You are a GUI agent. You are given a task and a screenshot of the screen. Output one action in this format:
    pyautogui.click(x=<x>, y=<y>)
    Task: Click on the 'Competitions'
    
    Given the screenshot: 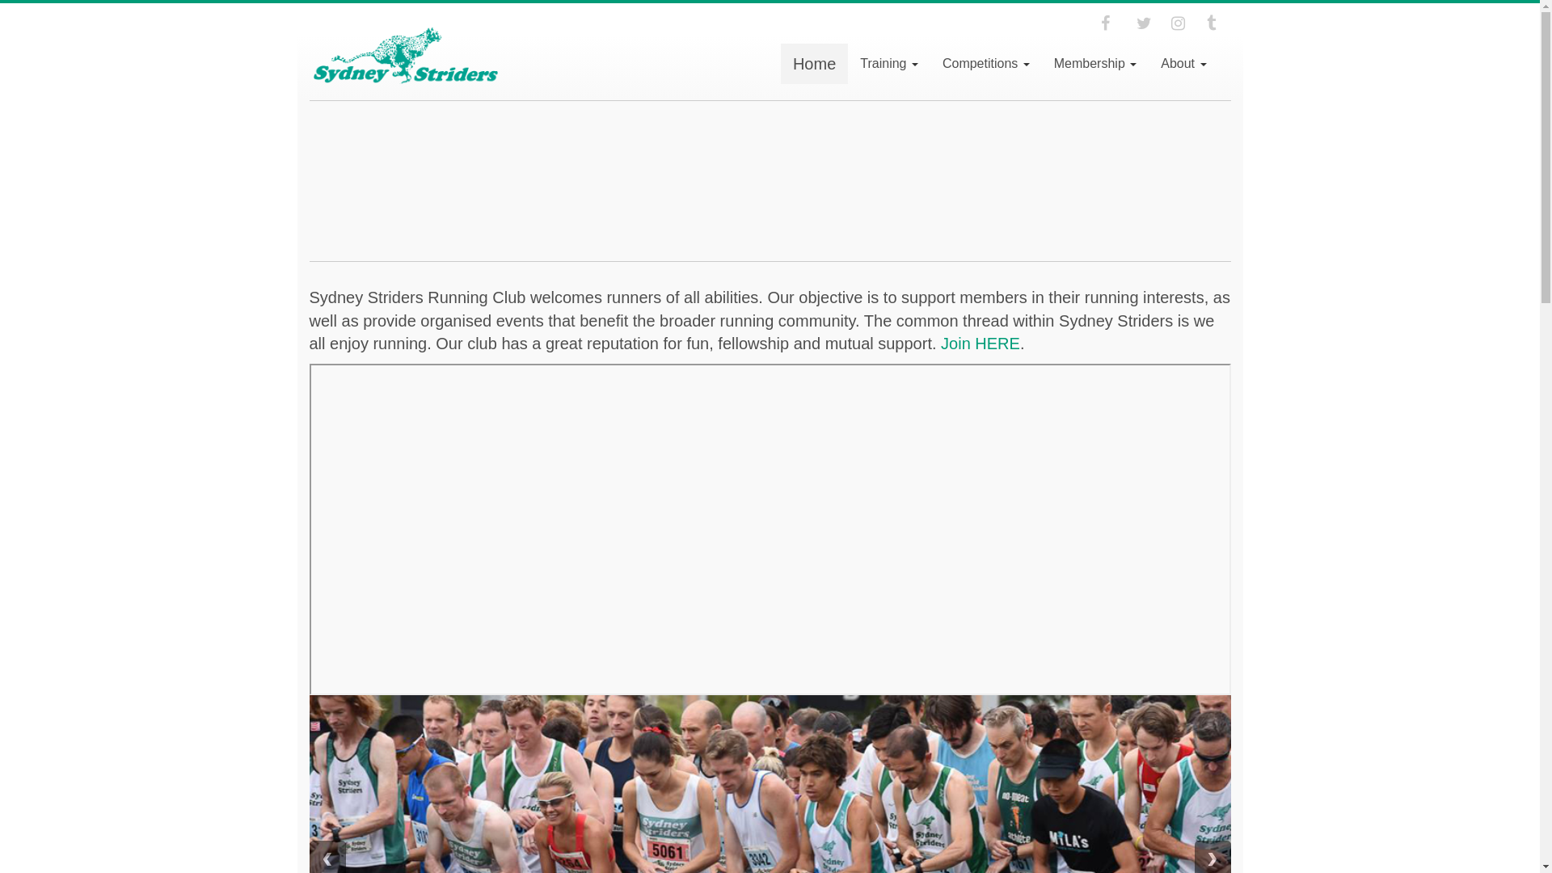 What is the action you would take?
    pyautogui.click(x=985, y=62)
    